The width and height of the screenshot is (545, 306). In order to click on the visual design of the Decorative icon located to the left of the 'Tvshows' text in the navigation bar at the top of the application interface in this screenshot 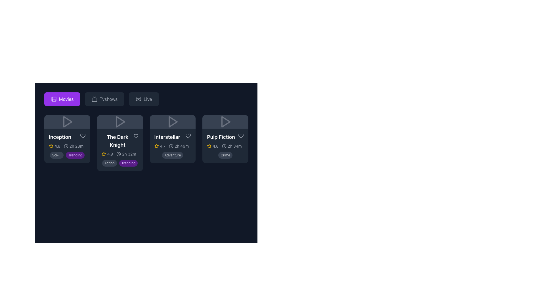, I will do `click(95, 99)`.